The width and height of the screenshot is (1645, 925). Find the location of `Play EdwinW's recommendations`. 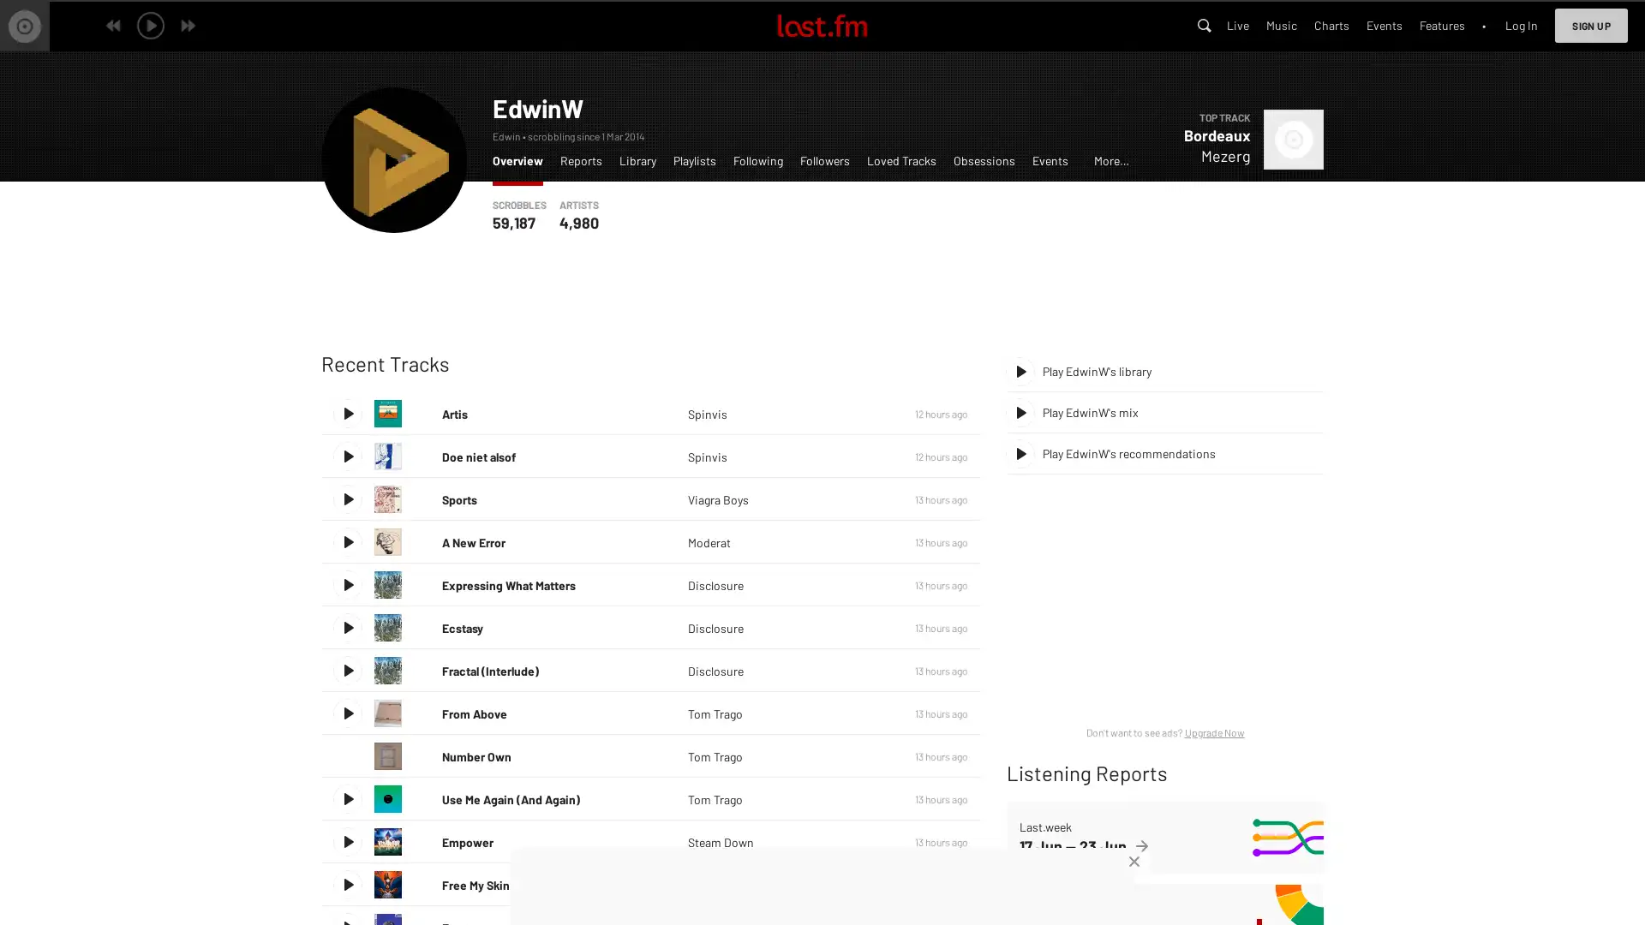

Play EdwinW's recommendations is located at coordinates (1164, 452).